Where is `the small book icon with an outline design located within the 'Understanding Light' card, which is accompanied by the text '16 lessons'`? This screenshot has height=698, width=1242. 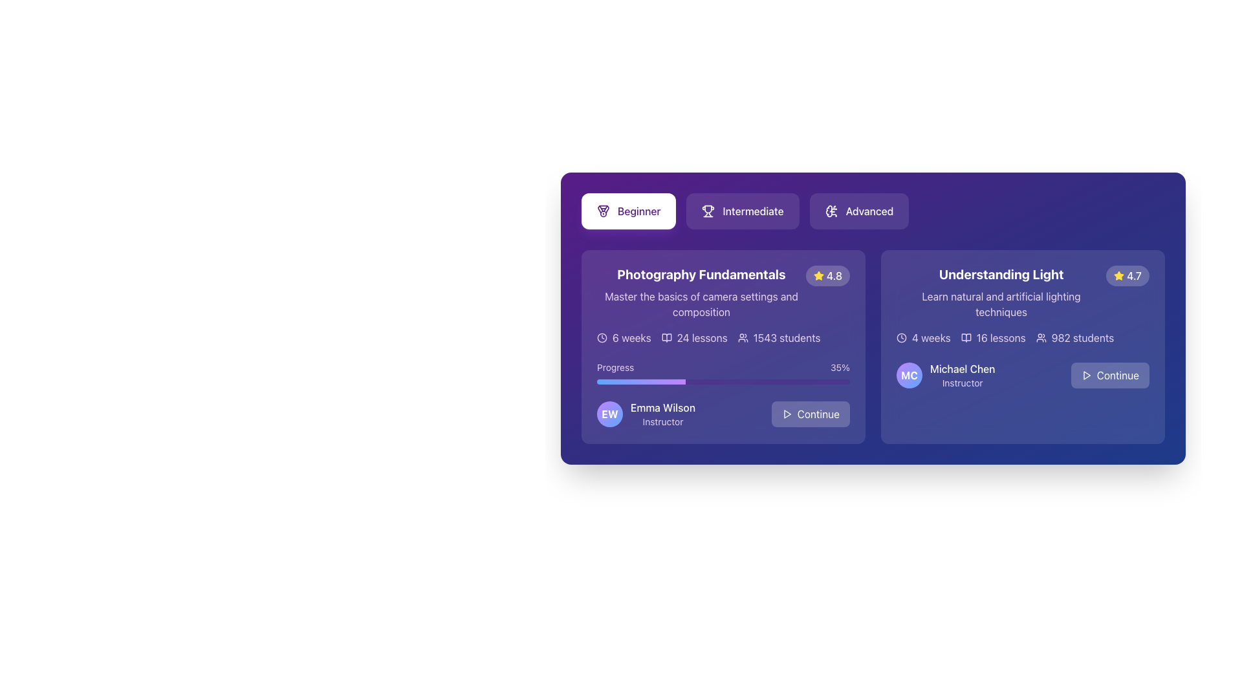
the small book icon with an outline design located within the 'Understanding Light' card, which is accompanied by the text '16 lessons' is located at coordinates (966, 337).